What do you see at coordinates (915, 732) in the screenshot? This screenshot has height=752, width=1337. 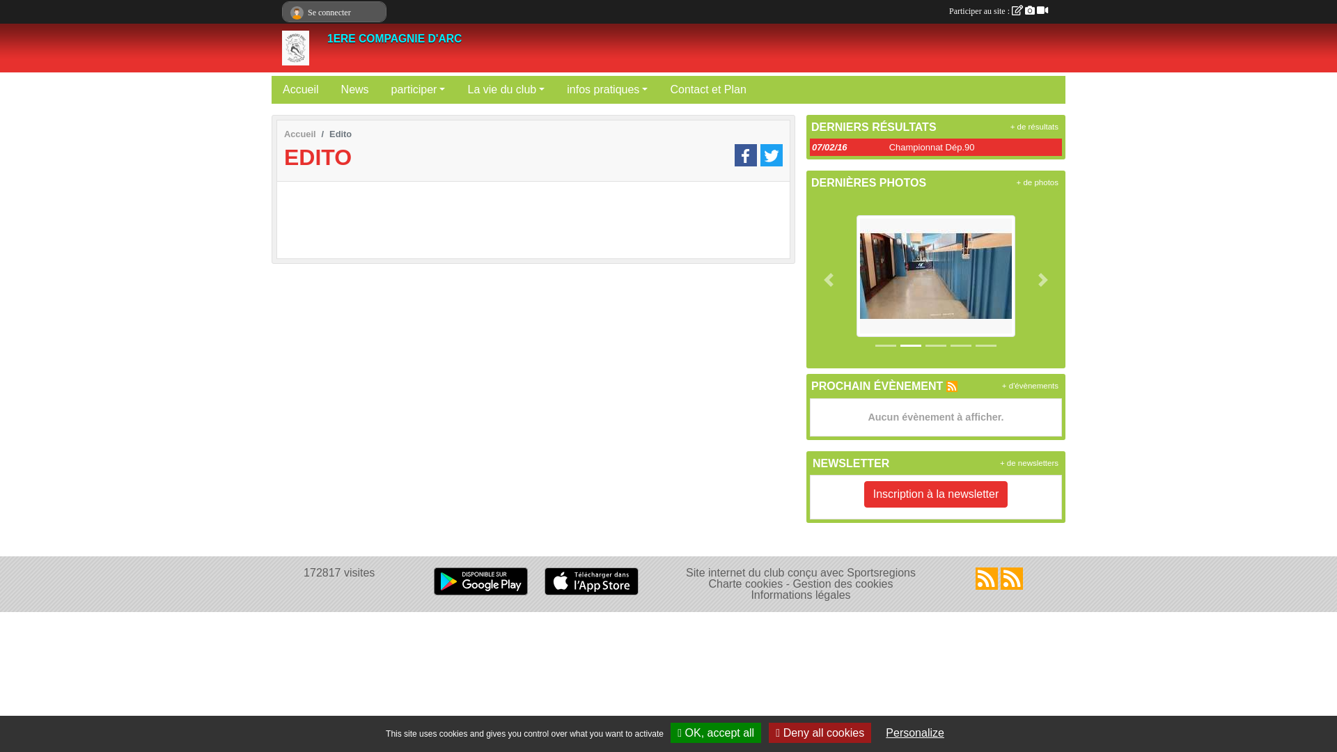 I see `'Personalize'` at bounding box center [915, 732].